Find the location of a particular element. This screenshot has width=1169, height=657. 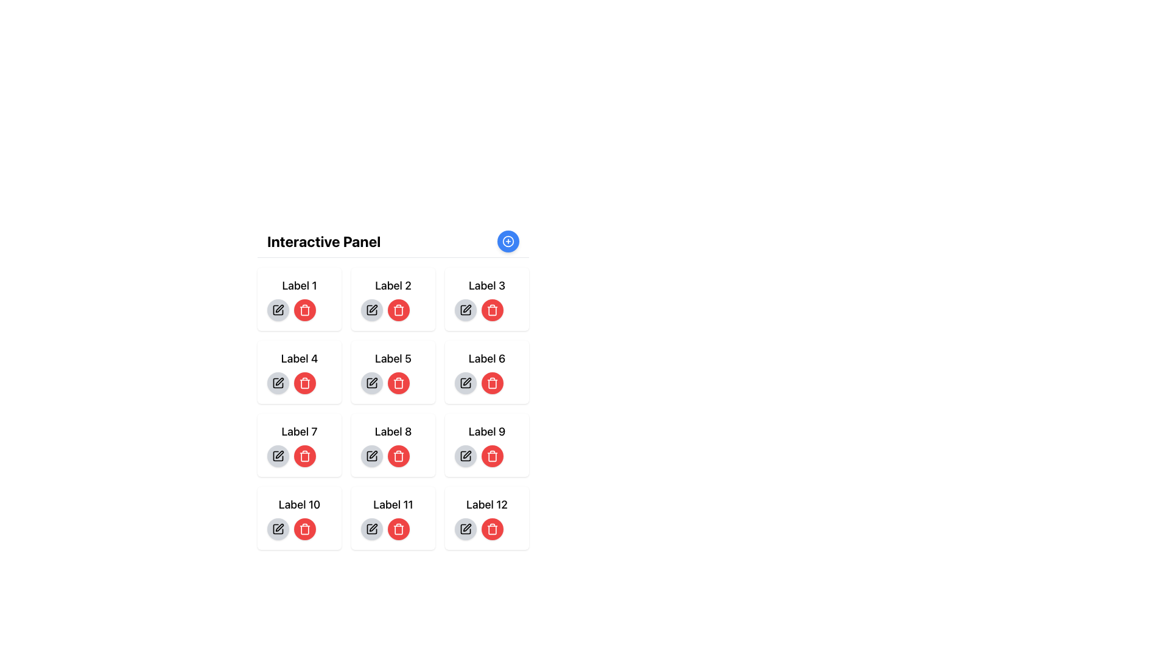

the editing icon button located in the eleventh cell of a 4x3 grid layout, adjacent to 'Label 11' is located at coordinates (373, 527).